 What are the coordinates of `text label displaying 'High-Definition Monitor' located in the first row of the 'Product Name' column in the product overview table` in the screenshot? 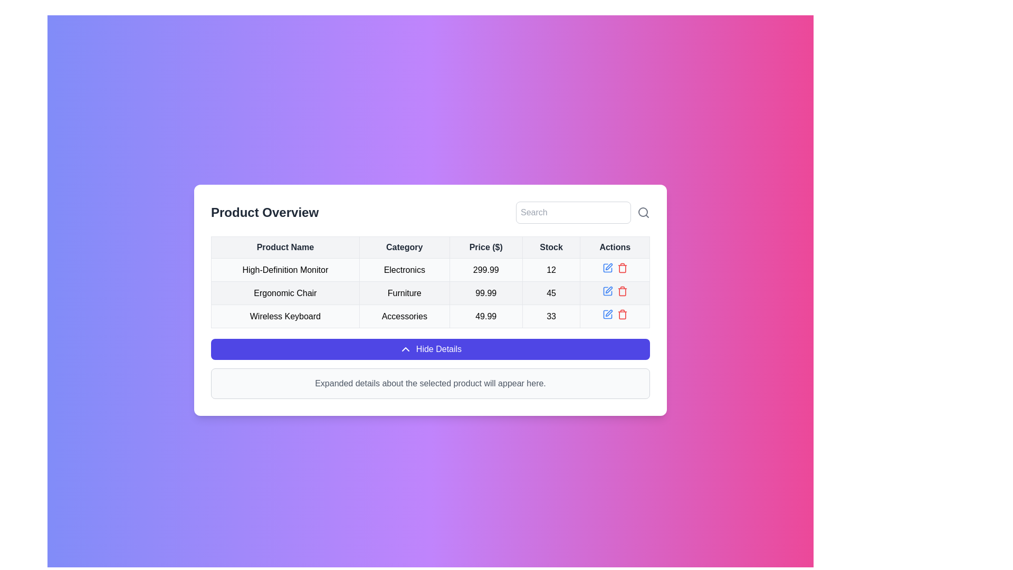 It's located at (285, 269).